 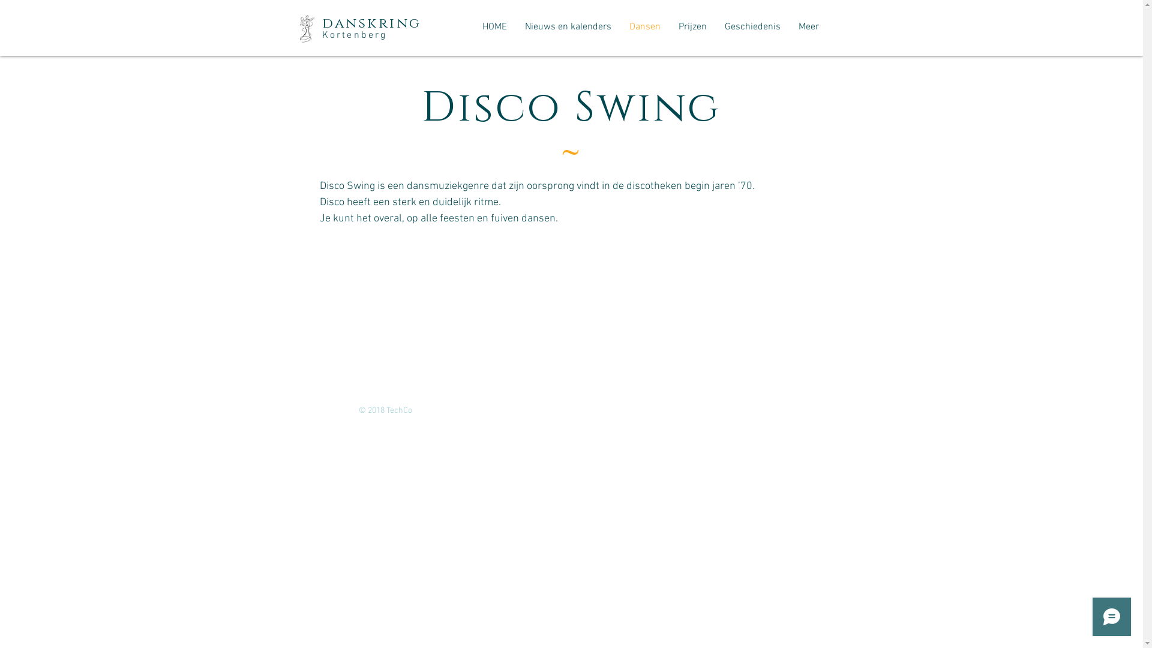 I want to click on 'TechCo', so click(x=400, y=410).